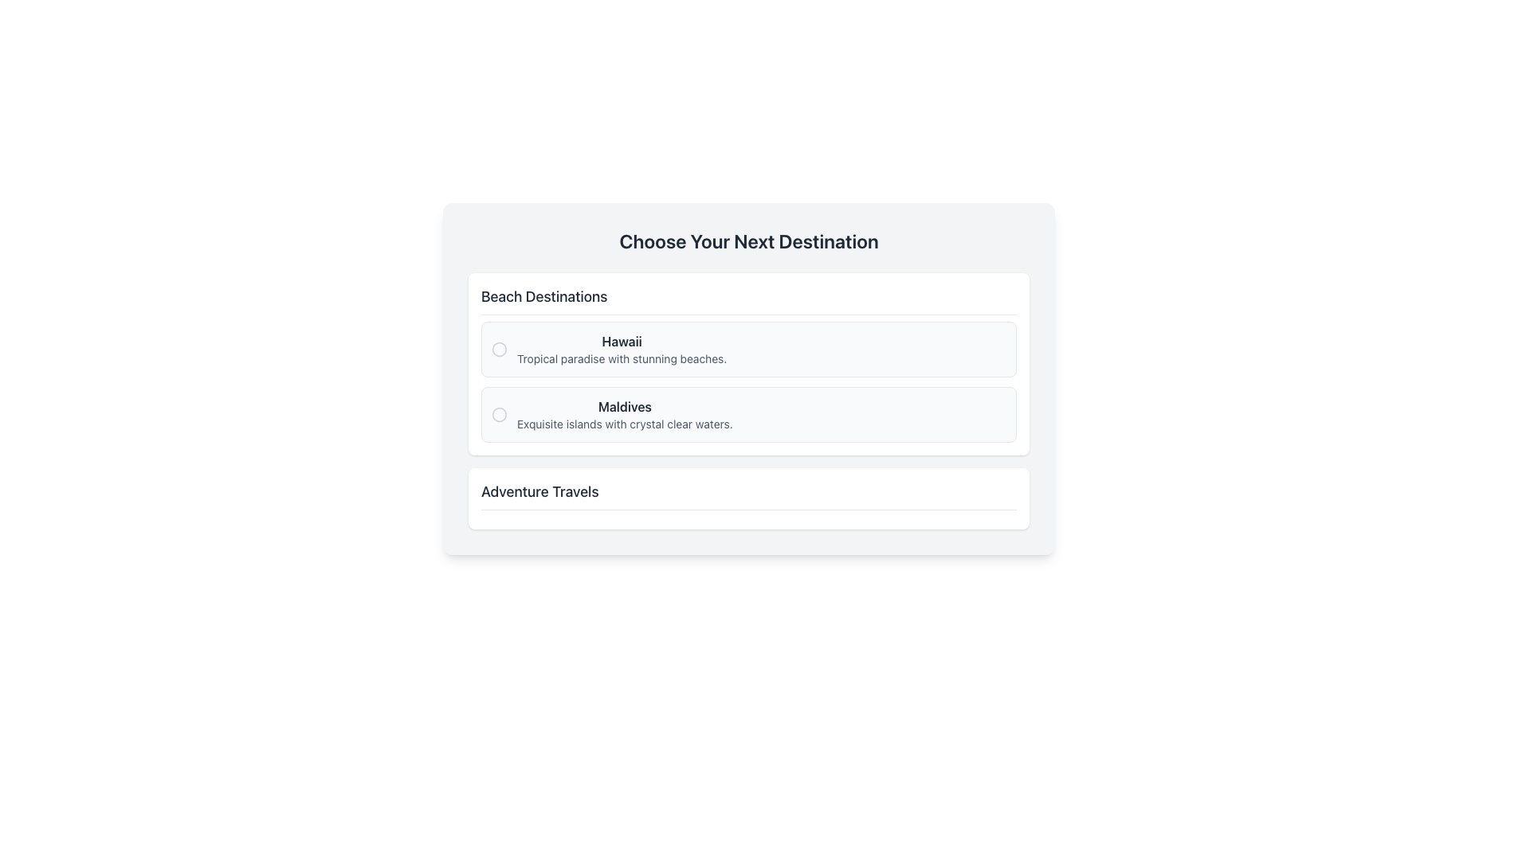 The width and height of the screenshot is (1530, 860). I want to click on text description element that displays 'Tropical paradise with stunning beaches.' located under the bold title 'Hawaii' in the 'Beach Destinations' section, so click(621, 359).